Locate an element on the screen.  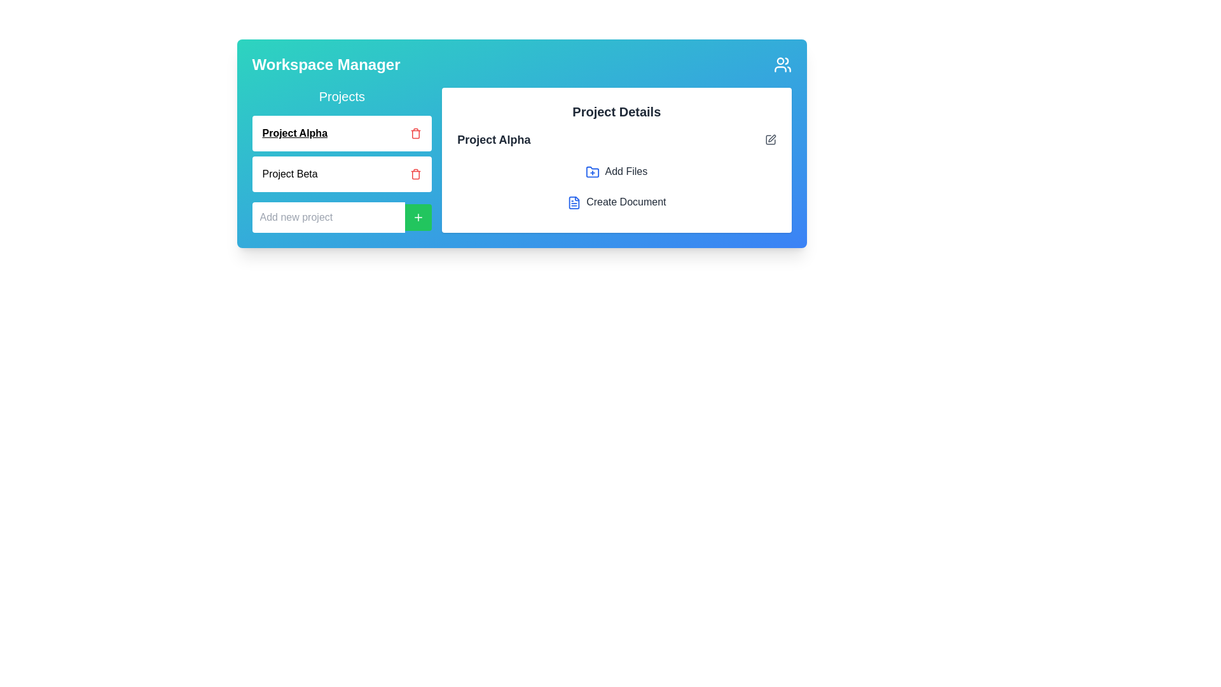
the text input field labeled 'Add new project' to place the cursor for text entry is located at coordinates (328, 217).